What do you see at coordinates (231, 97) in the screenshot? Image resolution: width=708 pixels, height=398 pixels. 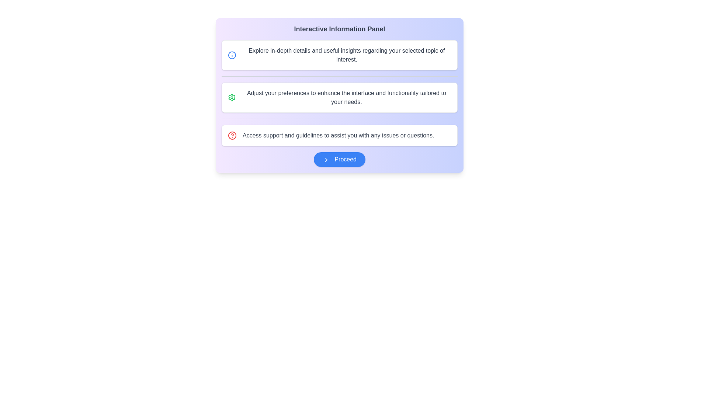 I see `the green gear icon representing settings, located in the second option panel next to the text 'Adjust your preferences to enhance the interface and functionality tailored to your needs.'` at bounding box center [231, 97].